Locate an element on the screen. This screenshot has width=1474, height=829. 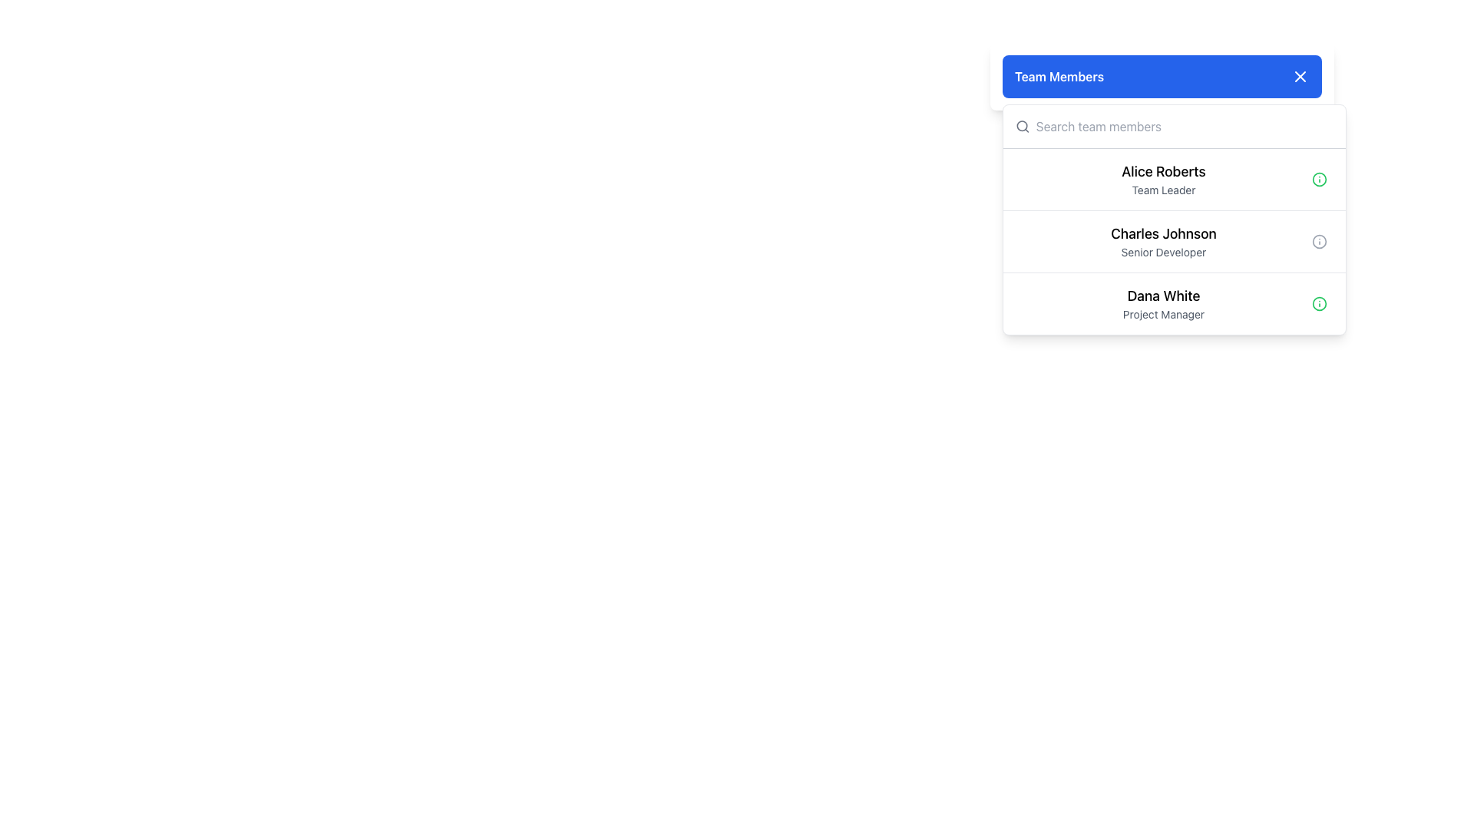
the text element displaying 'Dana White' which identifies the individual associated with the role 'Project Manager' in the Team Members list is located at coordinates (1164, 296).